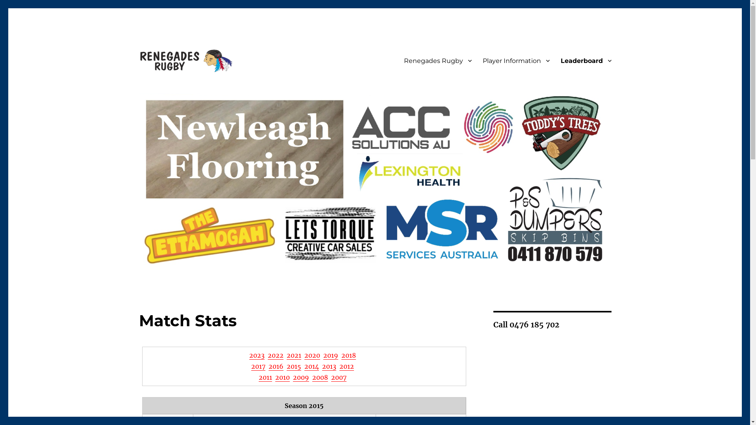  What do you see at coordinates (191, 86) in the screenshot?
I see `'Renegades Rugby'` at bounding box center [191, 86].